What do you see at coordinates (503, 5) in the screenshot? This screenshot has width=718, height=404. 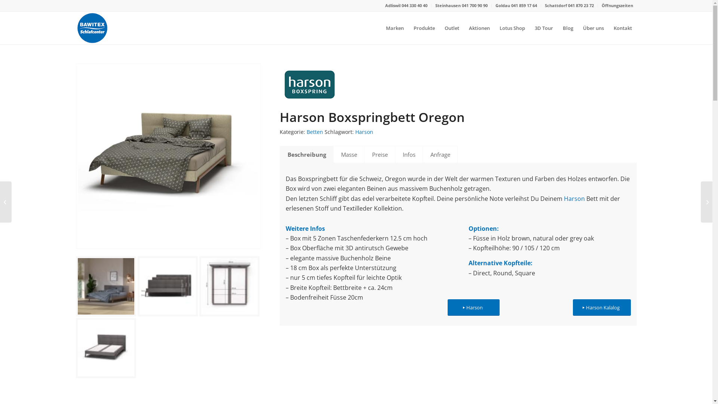 I see `'Goldau'` at bounding box center [503, 5].